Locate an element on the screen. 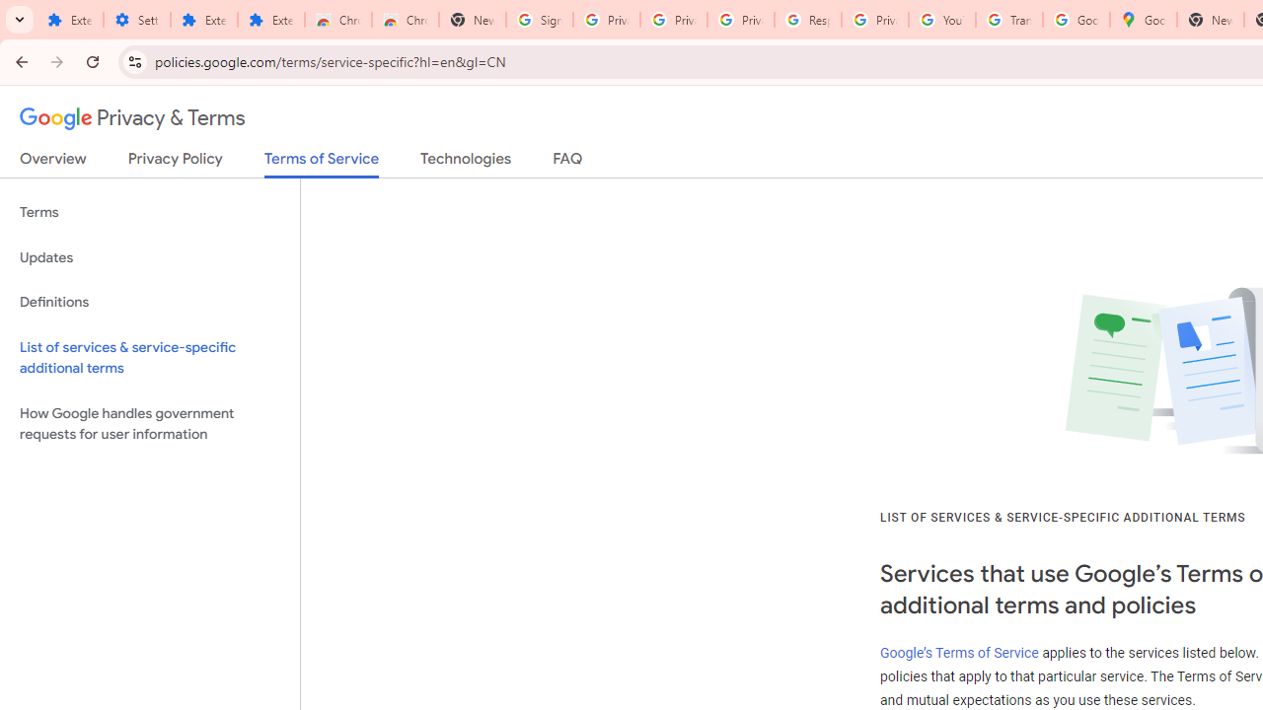  'Chrome Web Store' is located at coordinates (338, 20).